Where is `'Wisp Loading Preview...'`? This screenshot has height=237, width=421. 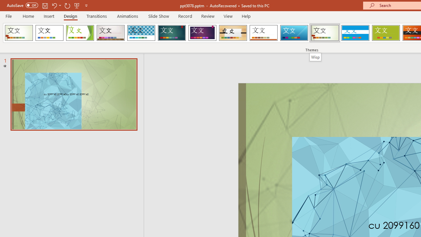
'Wisp Loading Preview...' is located at coordinates (325, 33).